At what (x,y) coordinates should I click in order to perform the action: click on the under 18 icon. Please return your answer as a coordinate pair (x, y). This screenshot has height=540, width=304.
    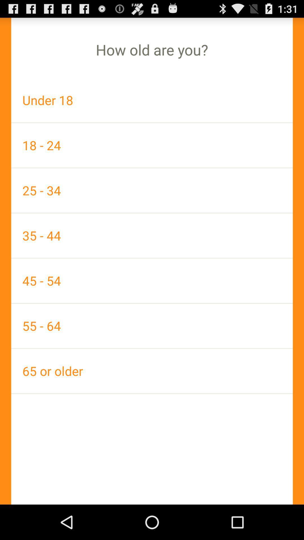
    Looking at the image, I should click on (152, 100).